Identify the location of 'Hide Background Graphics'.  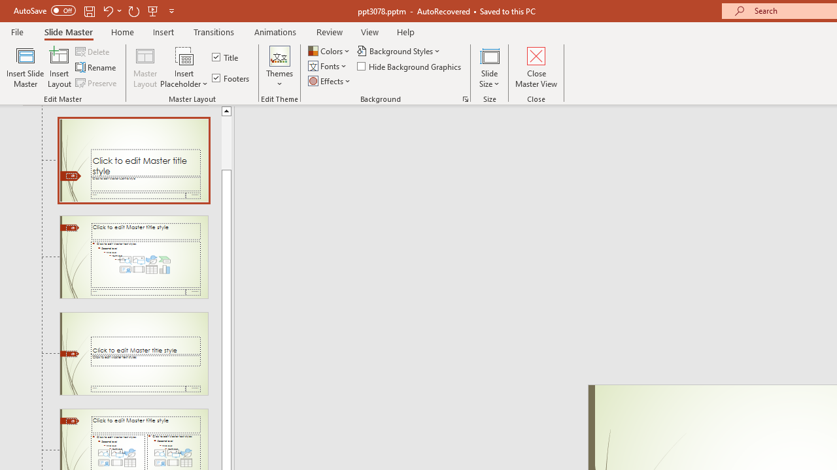
(409, 66).